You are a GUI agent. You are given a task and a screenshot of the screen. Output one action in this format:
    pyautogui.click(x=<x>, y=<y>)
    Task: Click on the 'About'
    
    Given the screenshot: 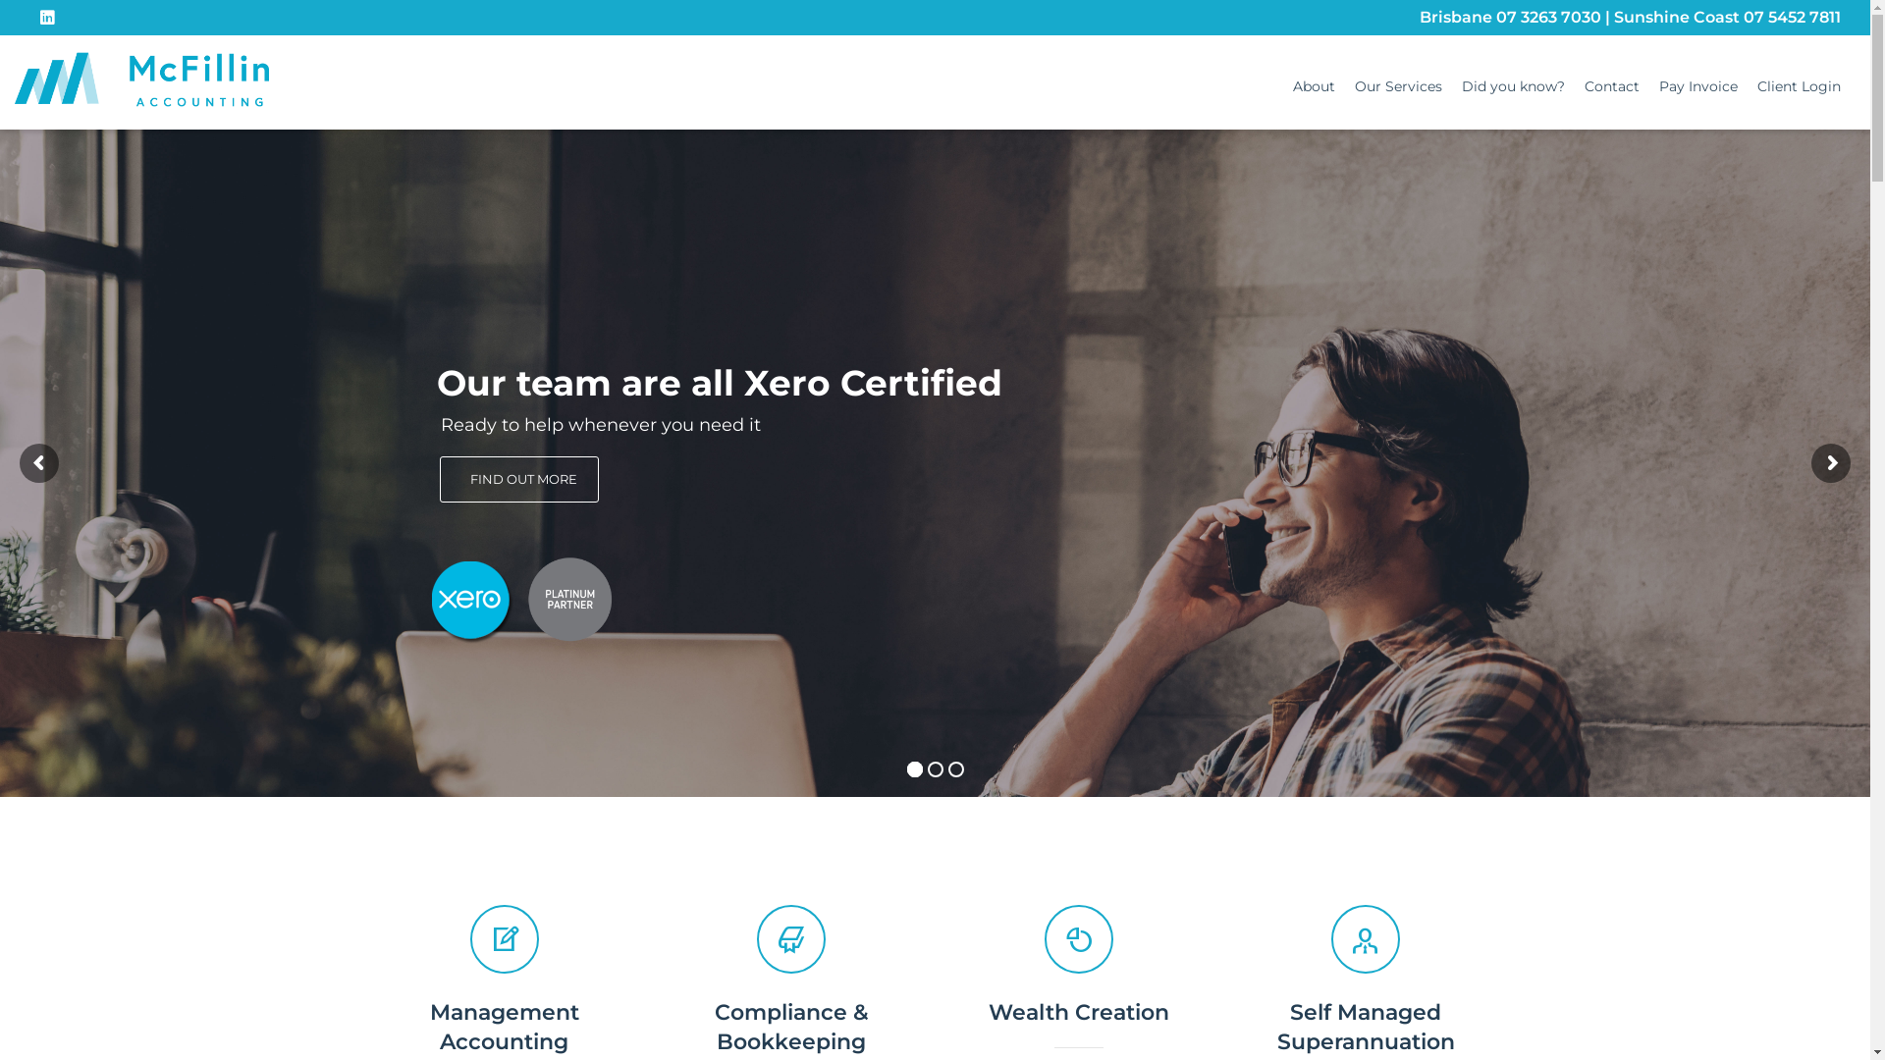 What is the action you would take?
    pyautogui.click(x=1314, y=85)
    